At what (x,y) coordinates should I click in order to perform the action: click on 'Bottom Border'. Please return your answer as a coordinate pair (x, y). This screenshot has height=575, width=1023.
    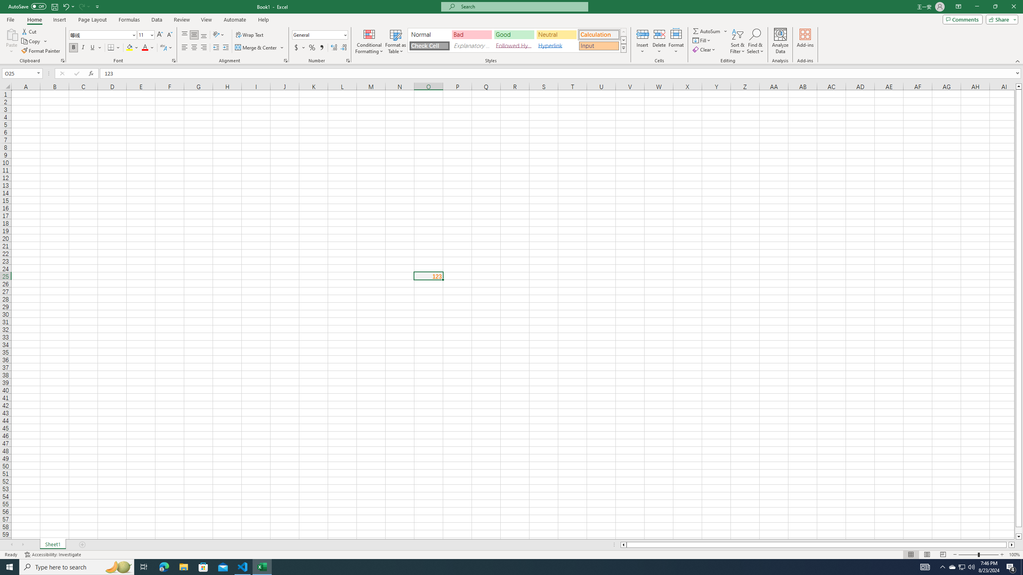
    Looking at the image, I should click on (111, 47).